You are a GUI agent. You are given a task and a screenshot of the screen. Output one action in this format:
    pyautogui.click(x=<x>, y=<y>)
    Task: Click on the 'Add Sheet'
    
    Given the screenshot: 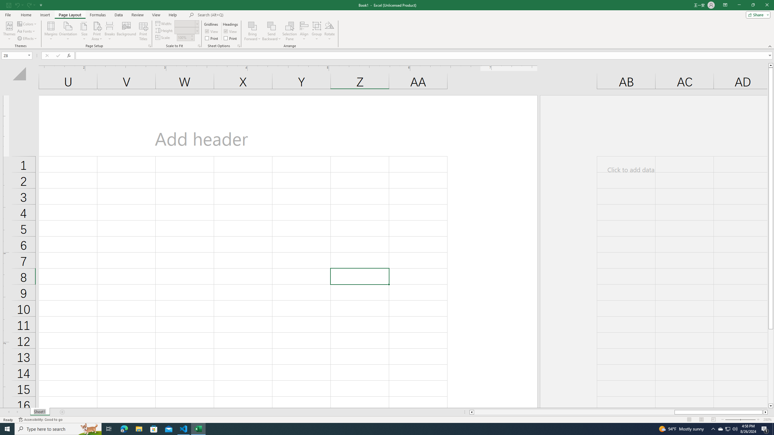 What is the action you would take?
    pyautogui.click(x=62, y=412)
    